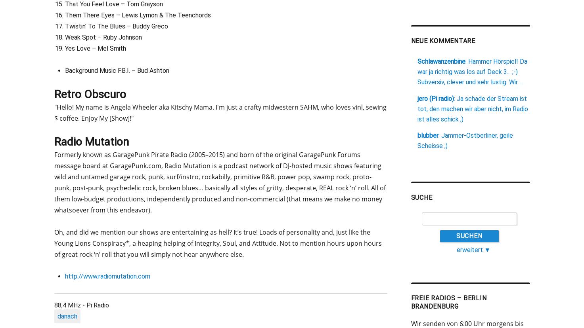 The width and height of the screenshot is (584, 328). What do you see at coordinates (217, 243) in the screenshot?
I see `'Oh, and did we mention our shows are entertaining as hell? It’s true! Loads of personality and, just like the Young Lions Conspiracy*, a heaping helping of Integrity, Soul, and Attitude. Not to mention hours upon hours of great rock ‘n’ roll that you will simply not hear anywhere else.'` at bounding box center [217, 243].